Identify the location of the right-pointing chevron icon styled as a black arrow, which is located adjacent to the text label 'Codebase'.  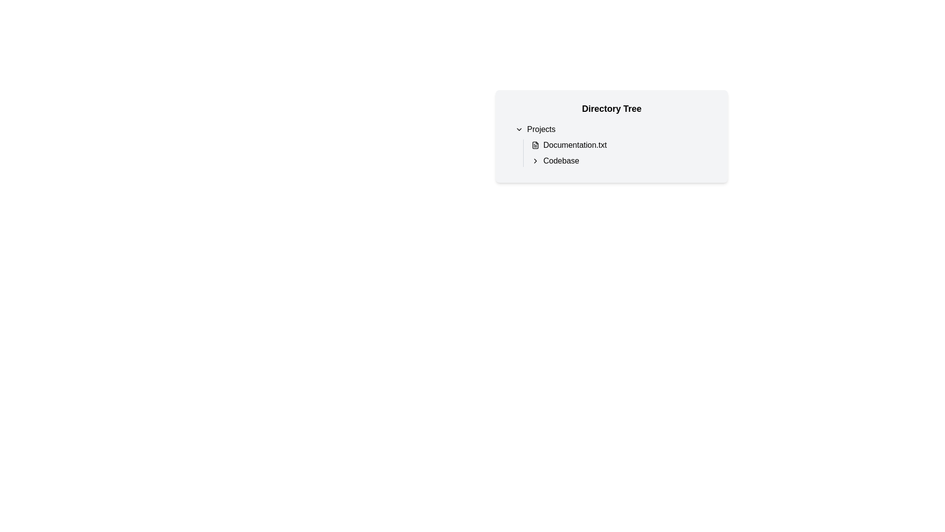
(535, 161).